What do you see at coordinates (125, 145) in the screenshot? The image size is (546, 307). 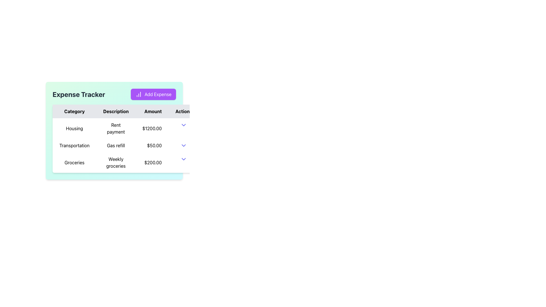 I see `the second data row in the expense tracker interface` at bounding box center [125, 145].